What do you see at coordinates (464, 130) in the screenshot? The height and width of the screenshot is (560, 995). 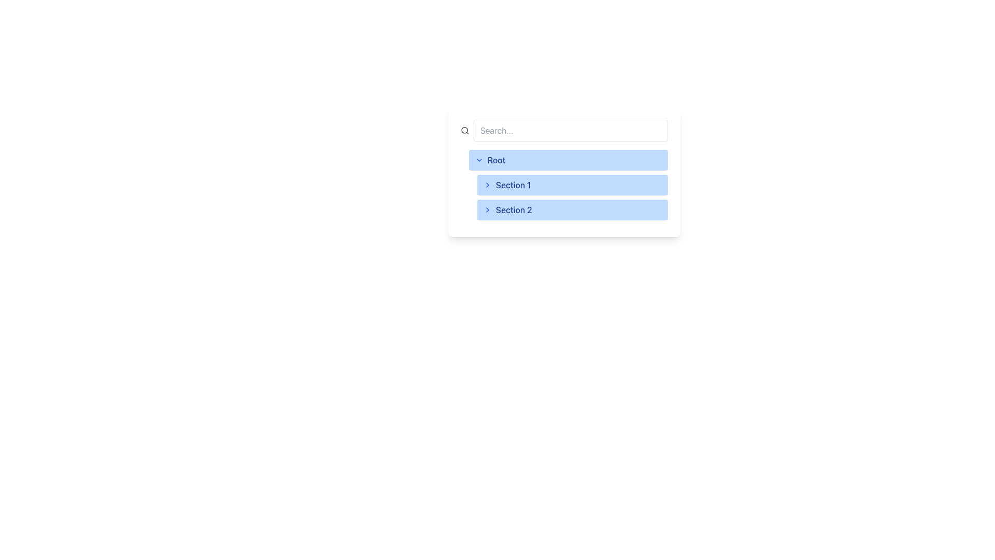 I see `the central circle of the gray search icon, which is part of the magnifying glass representation located to the left of the search input box` at bounding box center [464, 130].